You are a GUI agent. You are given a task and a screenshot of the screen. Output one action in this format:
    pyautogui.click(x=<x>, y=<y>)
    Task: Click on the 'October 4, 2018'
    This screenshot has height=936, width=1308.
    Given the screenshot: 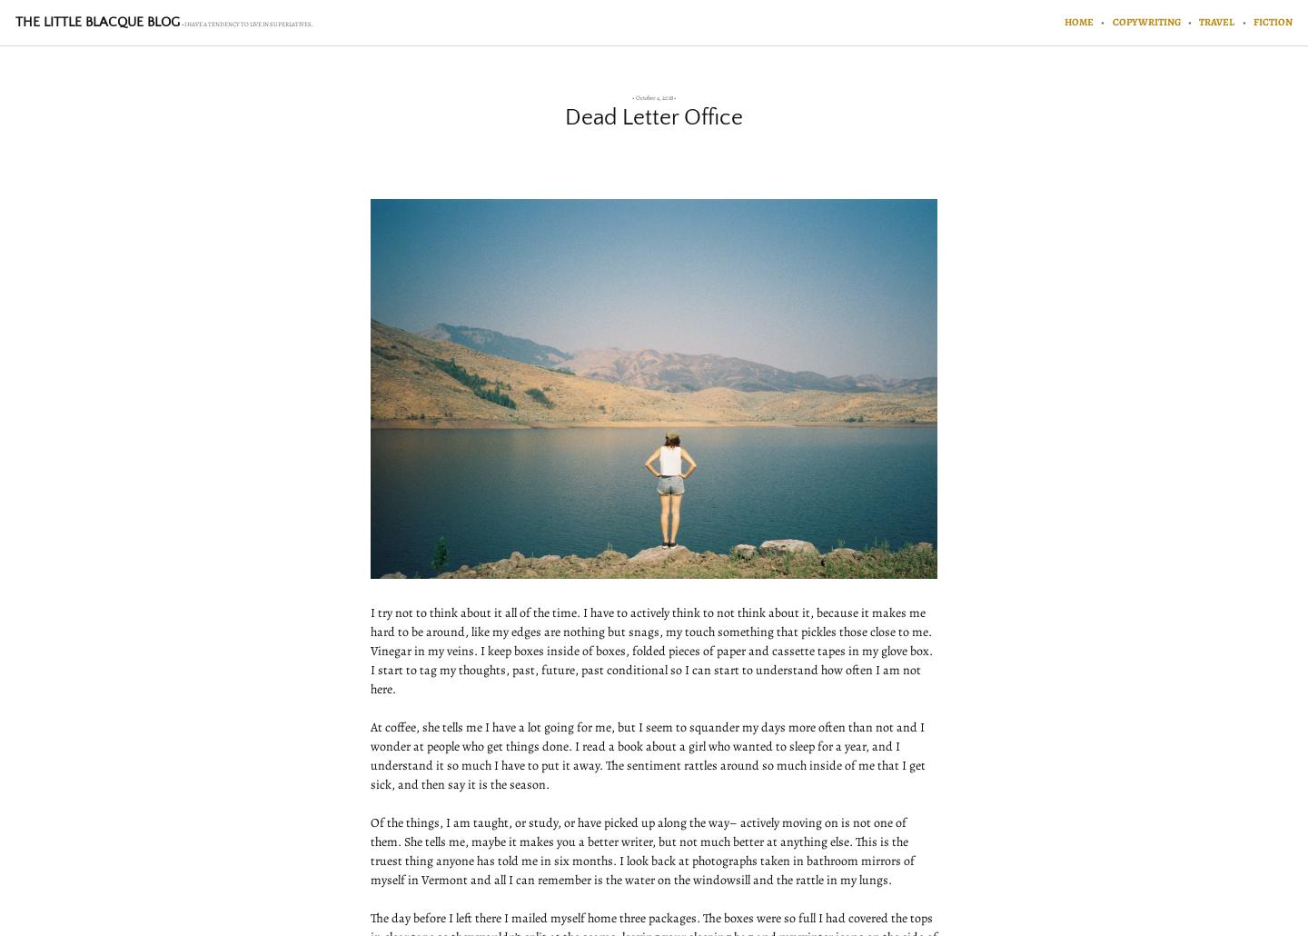 What is the action you would take?
    pyautogui.click(x=634, y=95)
    